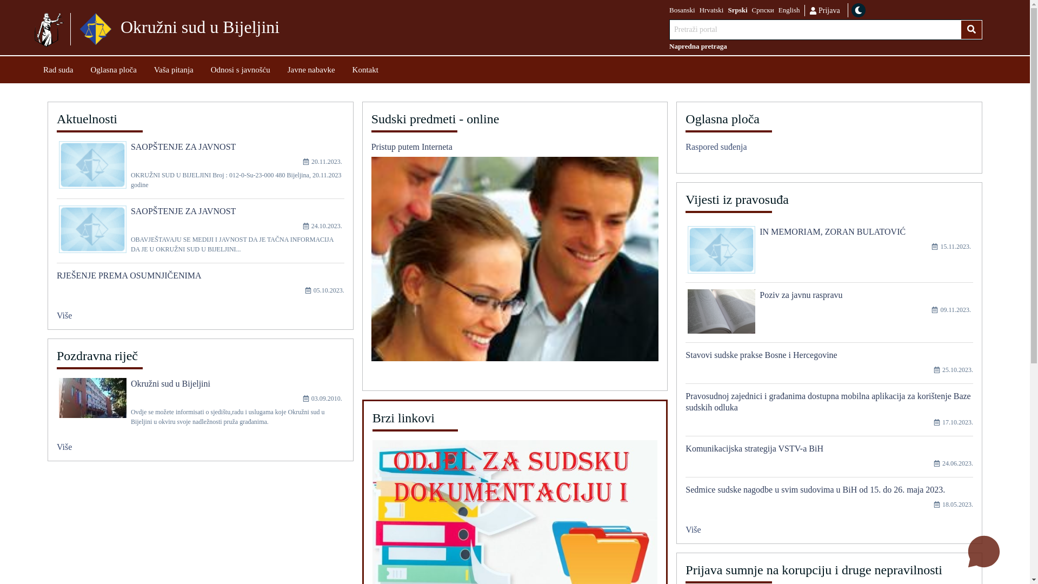 Image resolution: width=1038 pixels, height=584 pixels. What do you see at coordinates (823, 10) in the screenshot?
I see `'Prijava'` at bounding box center [823, 10].